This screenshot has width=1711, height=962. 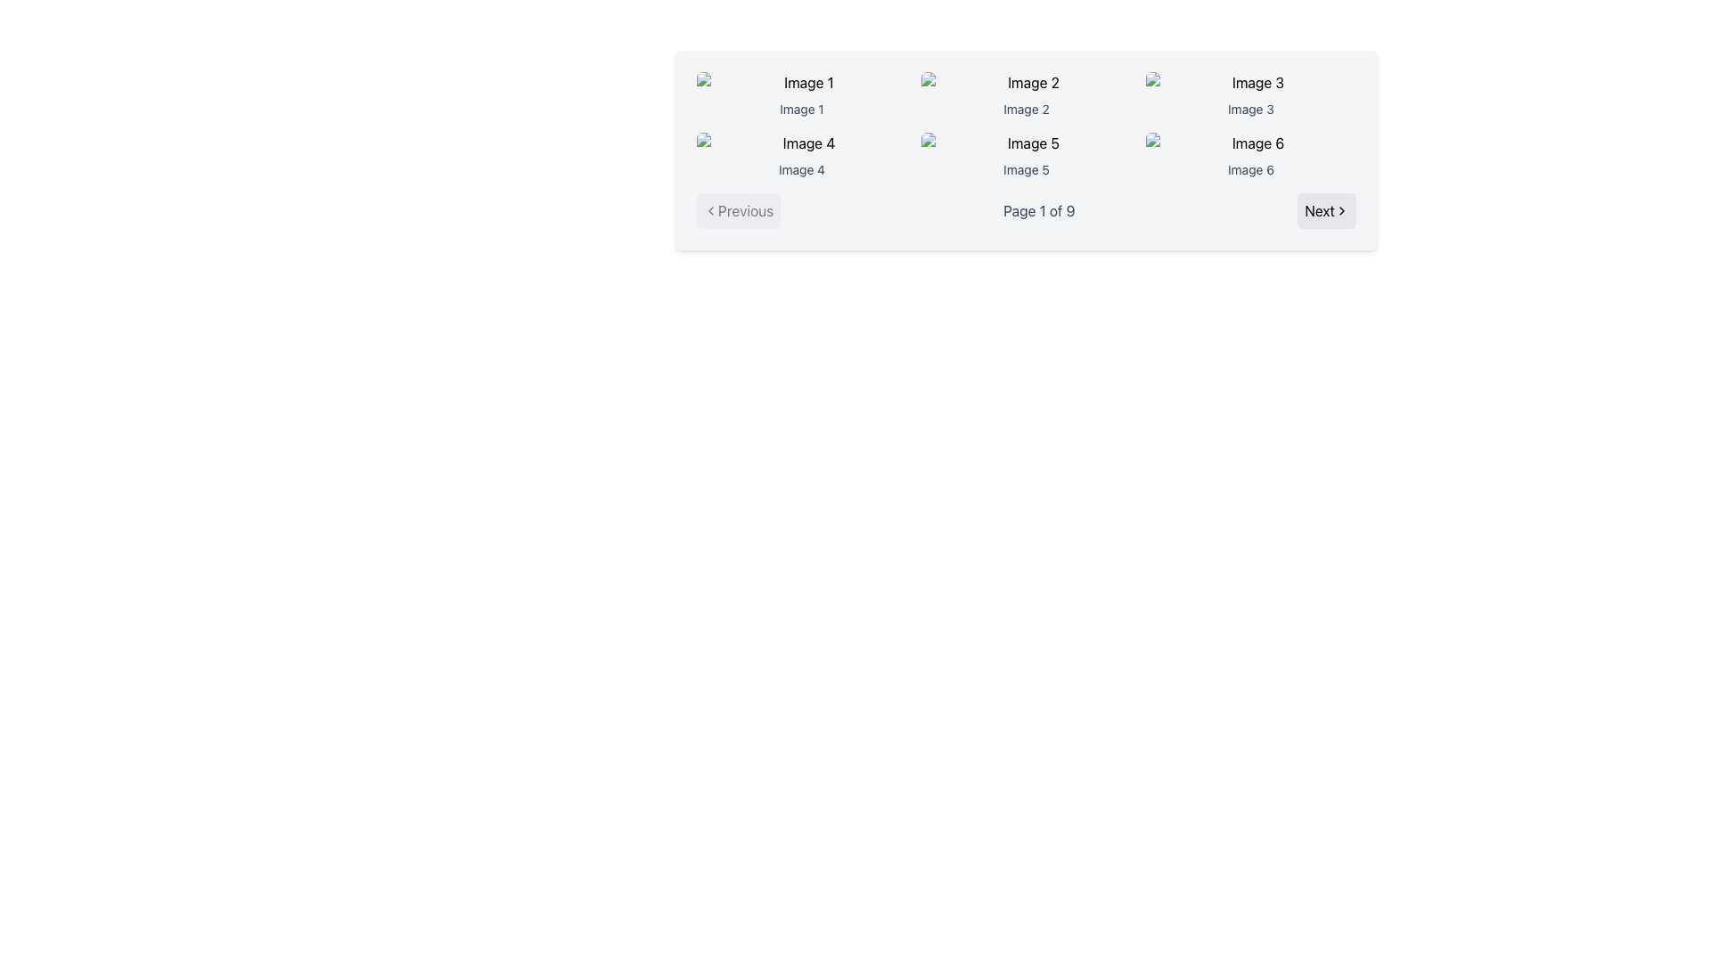 I want to click on the image with caption positioned in the second row, first column of the grid, which follows 'Image 3' and precedes 'Image 5', so click(x=801, y=154).